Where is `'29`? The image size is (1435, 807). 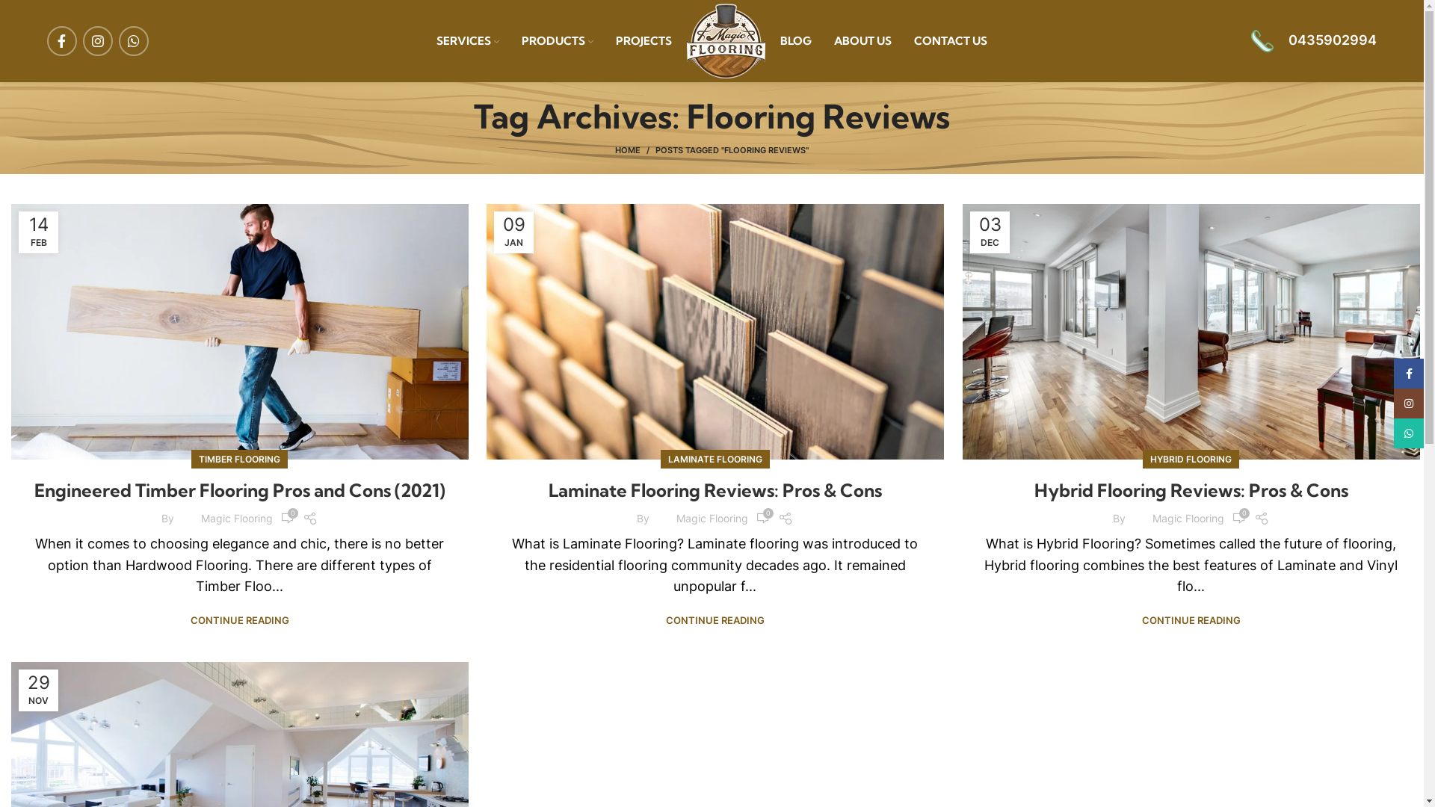 '29 is located at coordinates (38, 690).